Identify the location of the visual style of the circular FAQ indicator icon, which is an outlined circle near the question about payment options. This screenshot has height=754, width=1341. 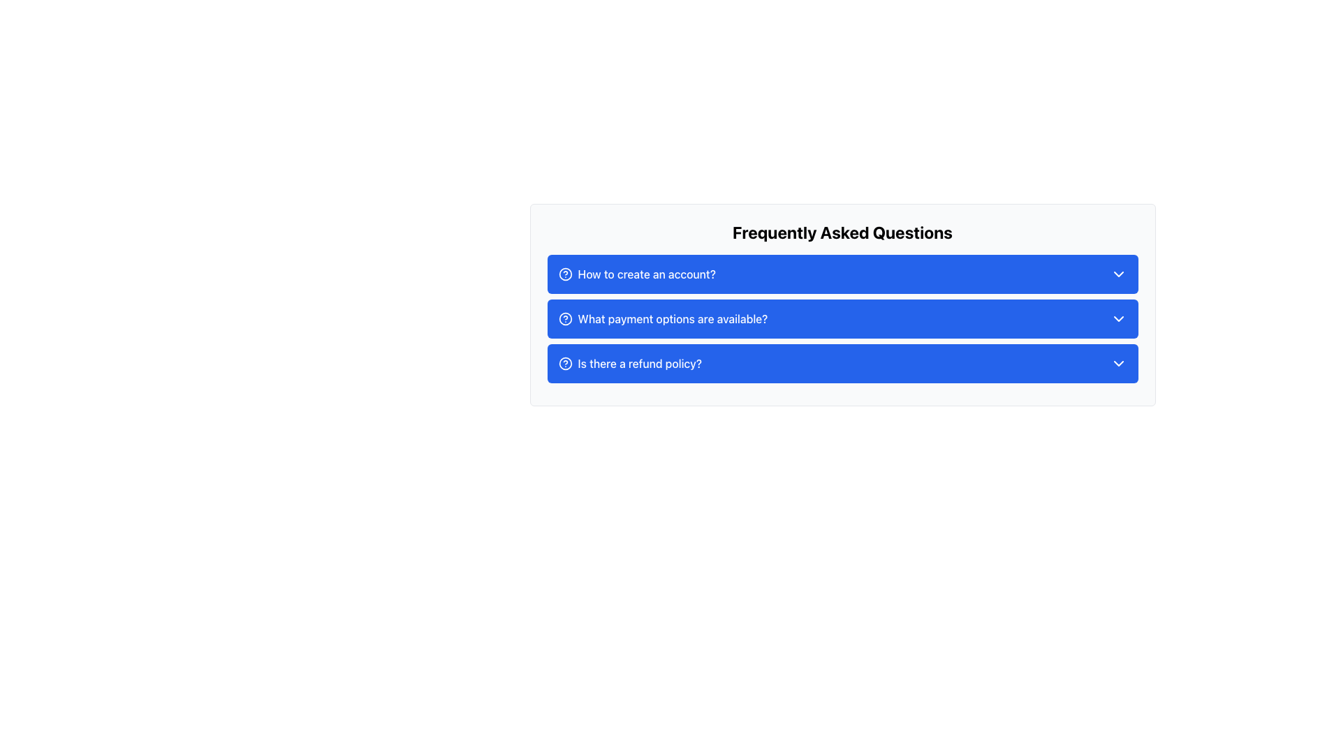
(565, 318).